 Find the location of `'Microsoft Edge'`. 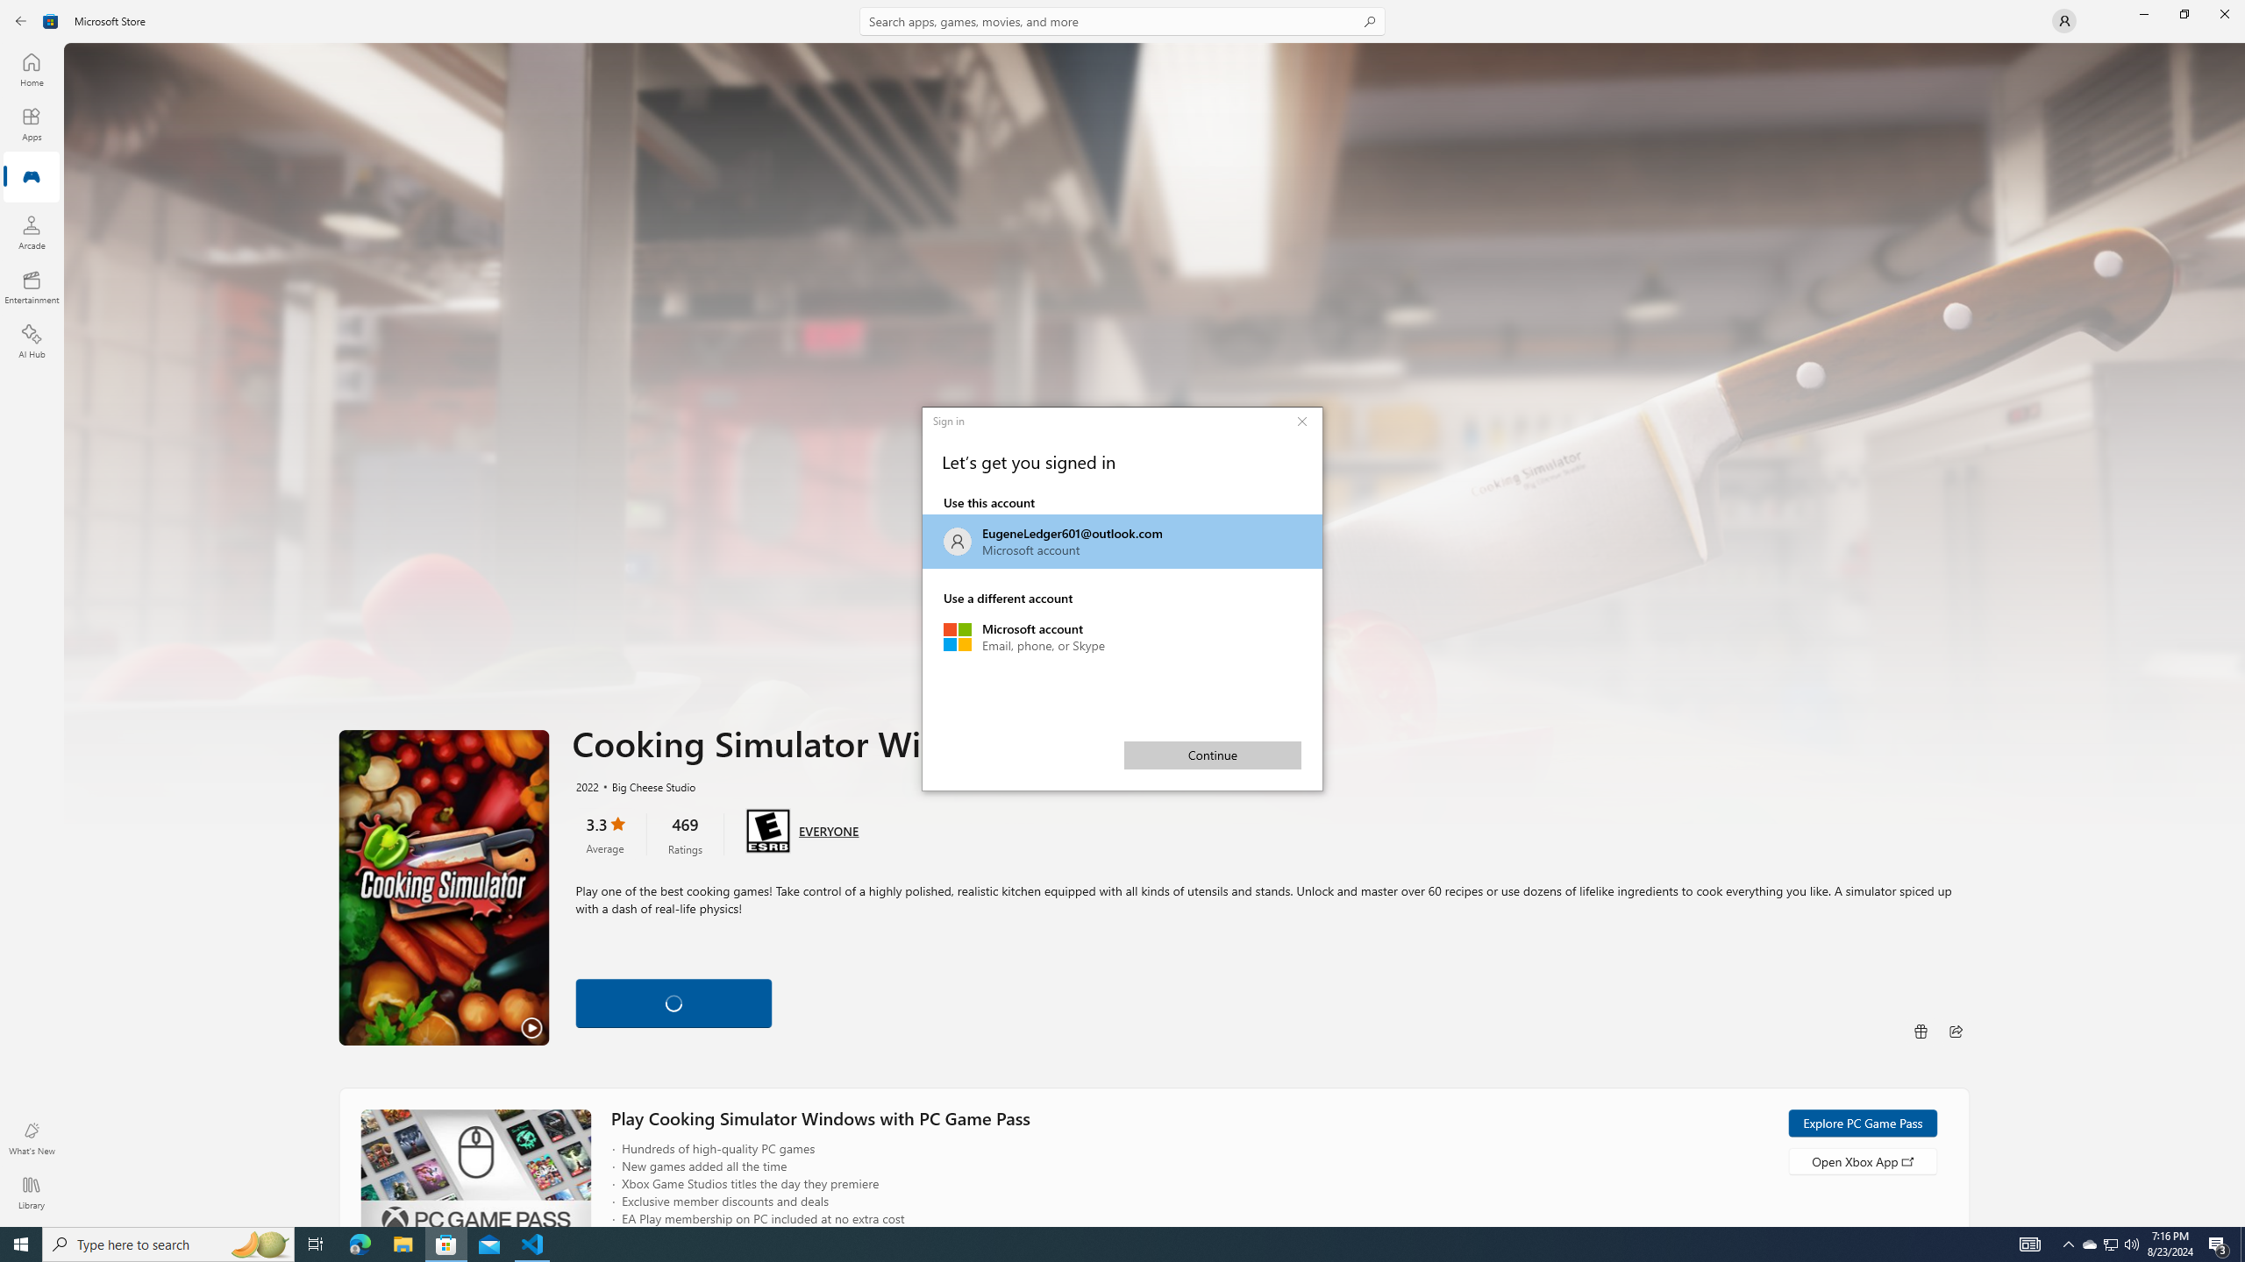

'Microsoft Edge' is located at coordinates (359, 1243).